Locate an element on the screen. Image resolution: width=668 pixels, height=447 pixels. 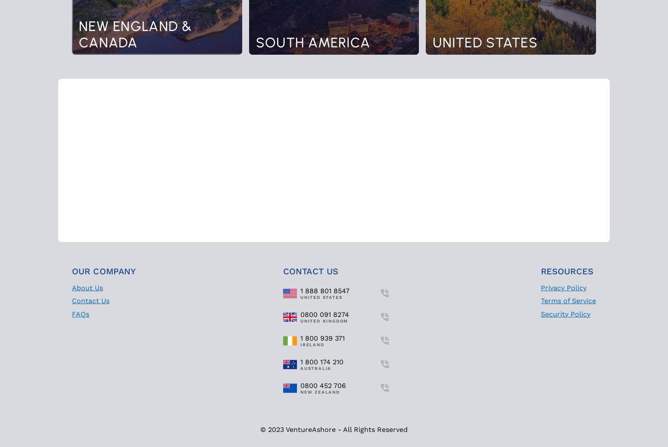
'0800 452 706' is located at coordinates (323, 385).